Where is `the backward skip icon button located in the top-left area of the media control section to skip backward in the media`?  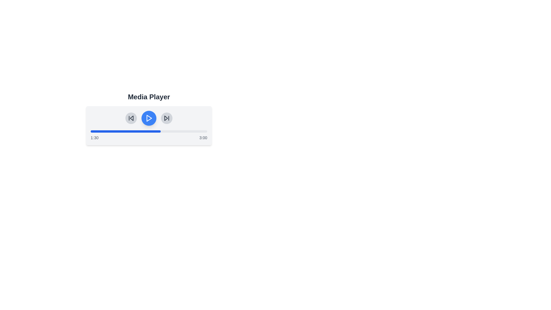 the backward skip icon button located in the top-left area of the media control section to skip backward in the media is located at coordinates (131, 118).